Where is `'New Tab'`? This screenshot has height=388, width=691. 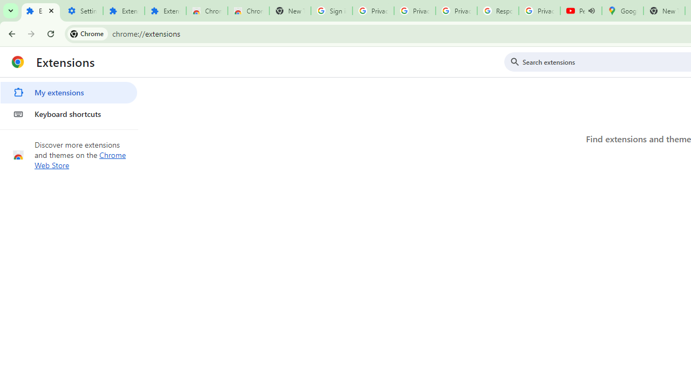 'New Tab' is located at coordinates (290, 11).